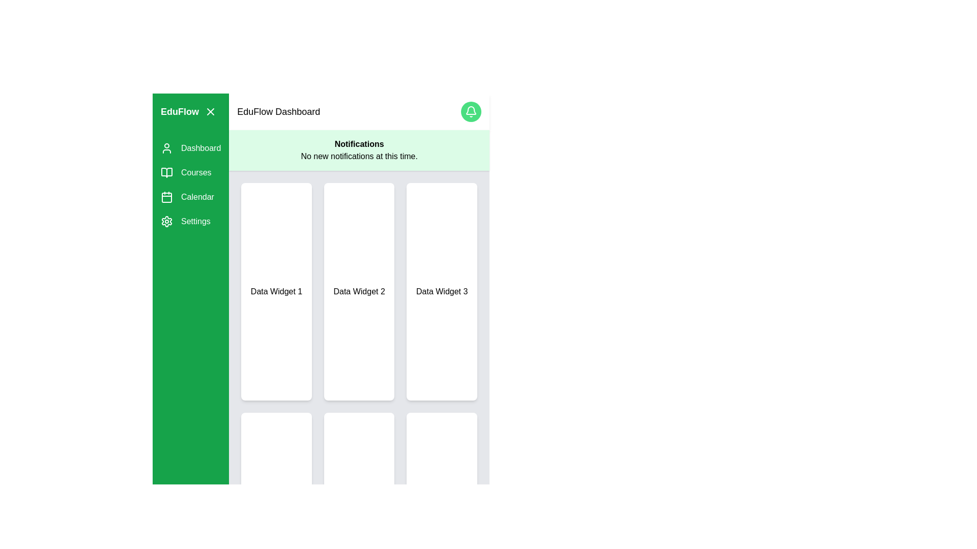 Image resolution: width=977 pixels, height=549 pixels. What do you see at coordinates (359, 292) in the screenshot?
I see `the static text label displaying 'Data Widget 2', which is centered in the second column of a three-column layout, located directly underneath a notification bar` at bounding box center [359, 292].